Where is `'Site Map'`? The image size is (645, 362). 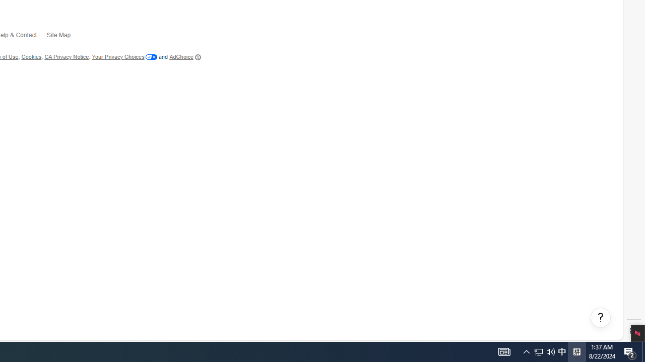
'Site Map' is located at coordinates (63, 36).